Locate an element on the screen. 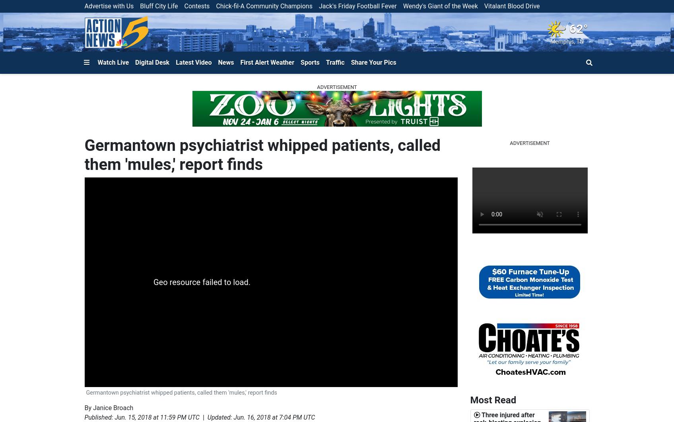 The height and width of the screenshot is (422, 674). 'Jun. 15, 2018 at 11:59 PM UTC' is located at coordinates (157, 417).